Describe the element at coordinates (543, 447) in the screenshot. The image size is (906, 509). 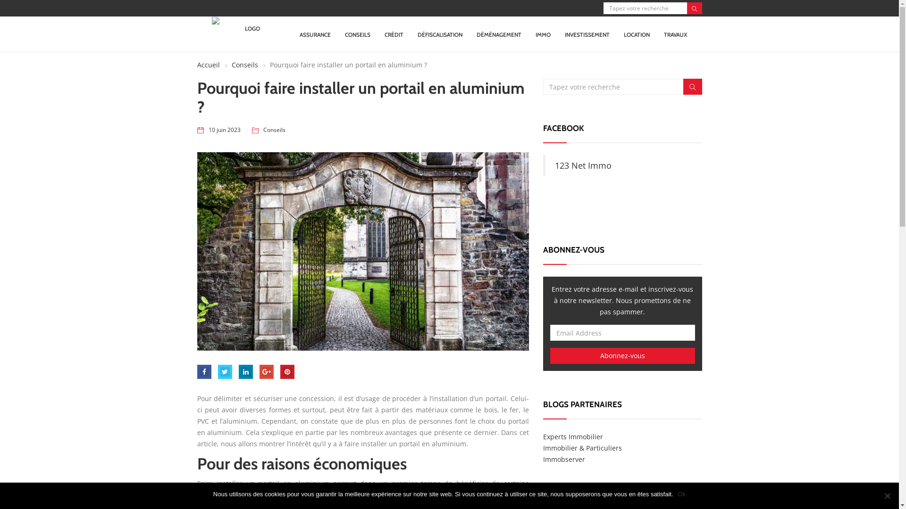
I see `'Immobilier & Particuliers'` at that location.